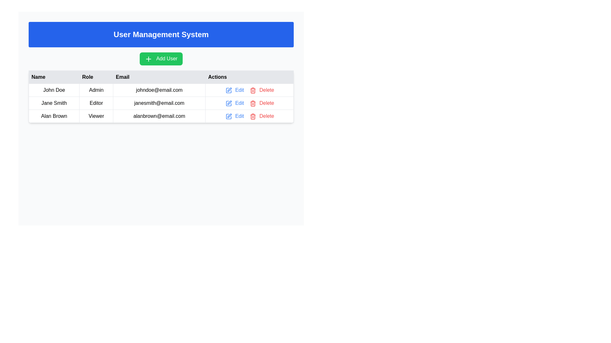 The width and height of the screenshot is (611, 343). Describe the element at coordinates (96, 116) in the screenshot. I see `the 'Viewer' cell in the 'Role' column of the data table corresponding to user 'Alan Brown'` at that location.